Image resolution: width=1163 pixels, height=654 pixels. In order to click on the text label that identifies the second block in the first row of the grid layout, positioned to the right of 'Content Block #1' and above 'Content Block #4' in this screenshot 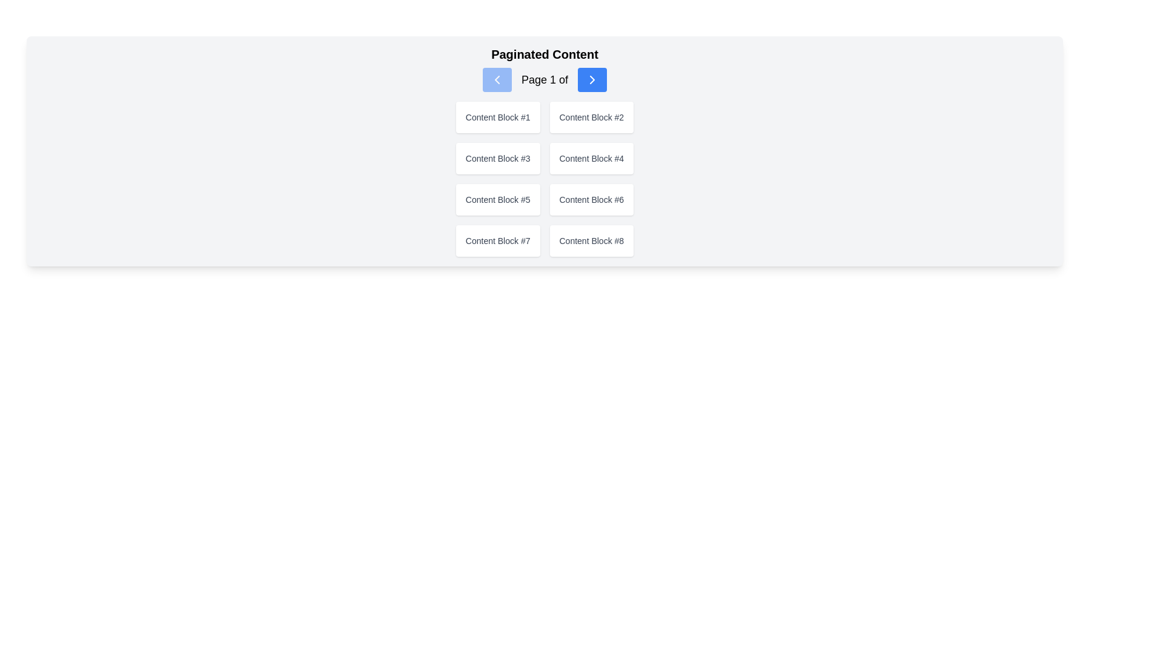, I will do `click(591, 117)`.